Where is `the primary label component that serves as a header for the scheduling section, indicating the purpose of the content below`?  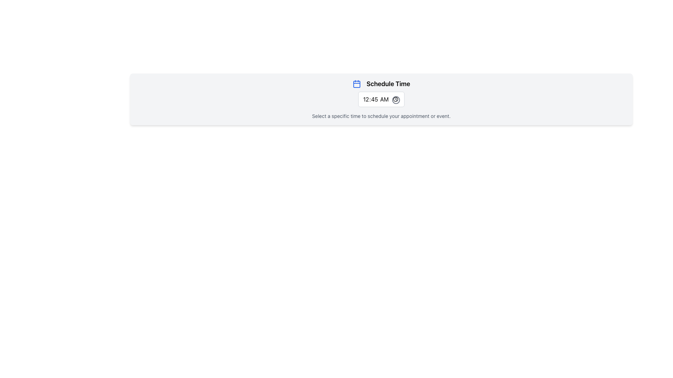
the primary label component that serves as a header for the scheduling section, indicating the purpose of the content below is located at coordinates (381, 83).